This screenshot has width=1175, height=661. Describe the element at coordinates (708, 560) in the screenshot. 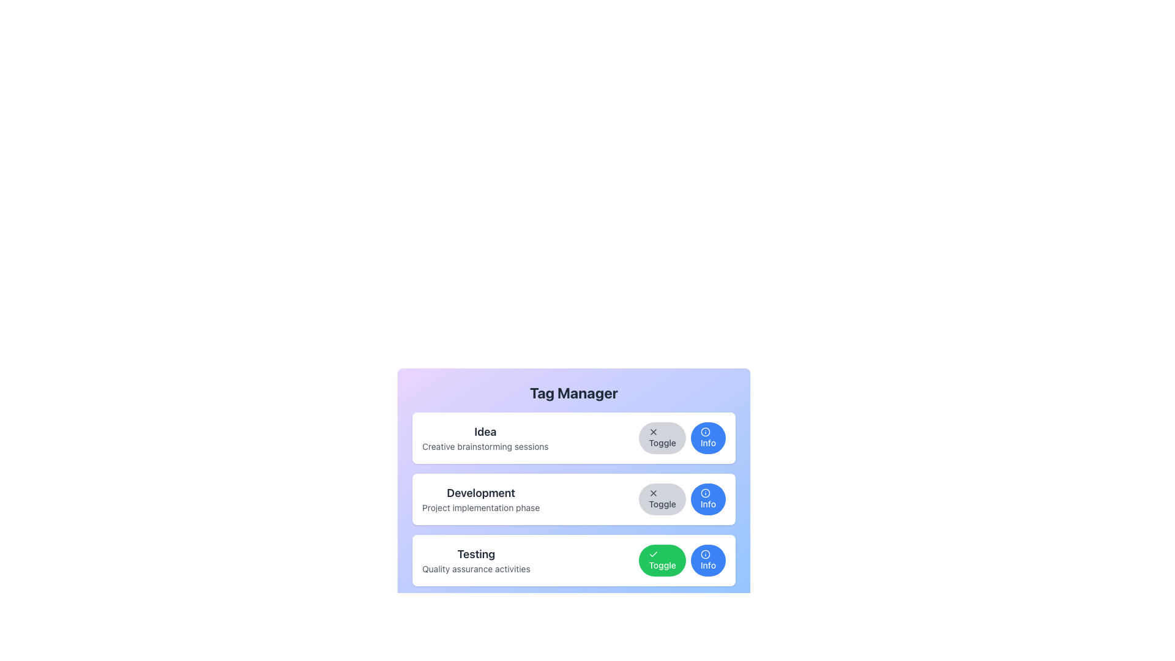

I see `the circular blue 'Info' button with white text and an information icon` at that location.